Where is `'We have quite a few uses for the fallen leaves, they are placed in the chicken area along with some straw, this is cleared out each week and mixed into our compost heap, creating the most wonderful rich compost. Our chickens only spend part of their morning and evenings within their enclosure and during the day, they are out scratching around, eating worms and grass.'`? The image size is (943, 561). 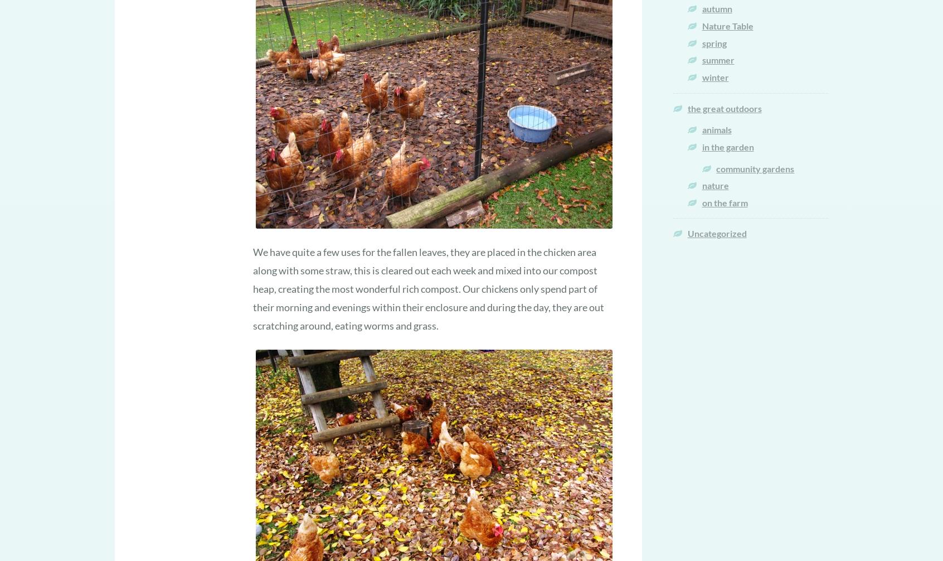
'We have quite a few uses for the fallen leaves, they are placed in the chicken area along with some straw, this is cleared out each week and mixed into our compost heap, creating the most wonderful rich compost. Our chickens only spend part of their morning and evenings within their enclosure and during the day, they are out scratching around, eating worms and grass.' is located at coordinates (428, 288).